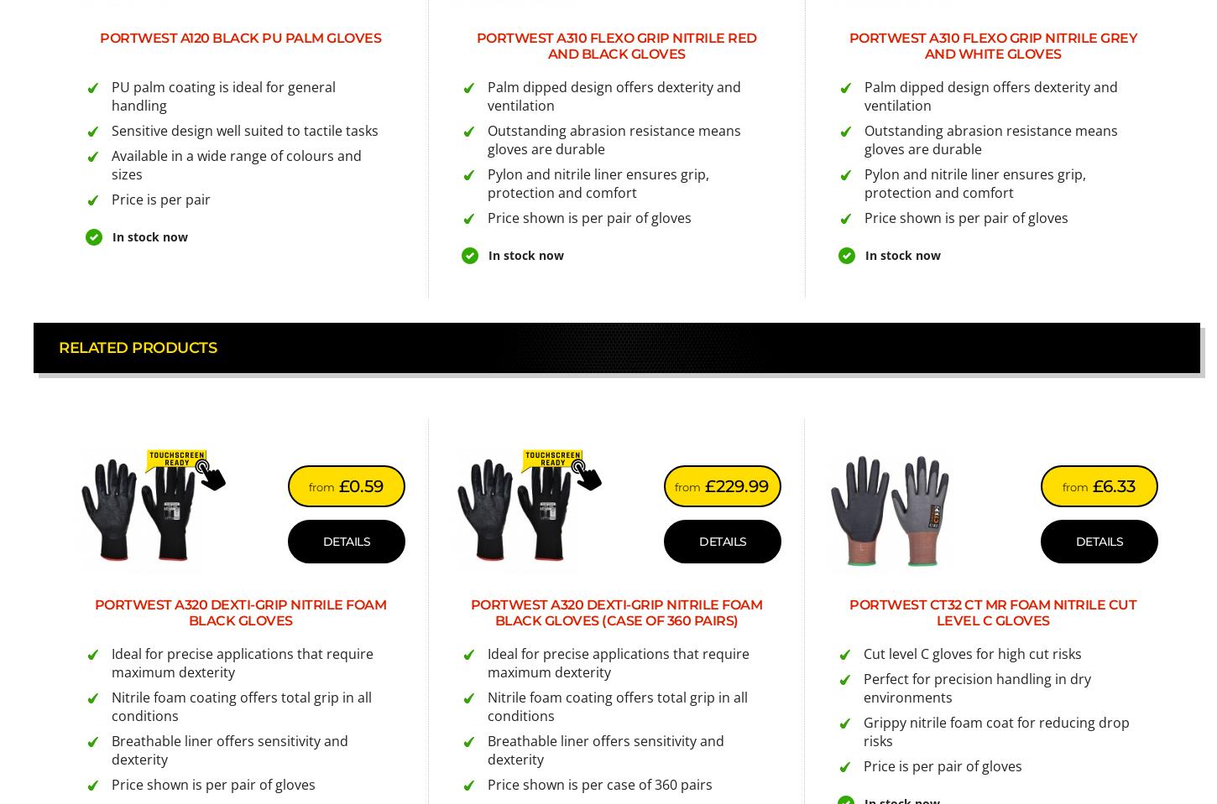 This screenshot has height=804, width=1217. I want to click on 'Cut level C gloves for high cut risks', so click(971, 653).